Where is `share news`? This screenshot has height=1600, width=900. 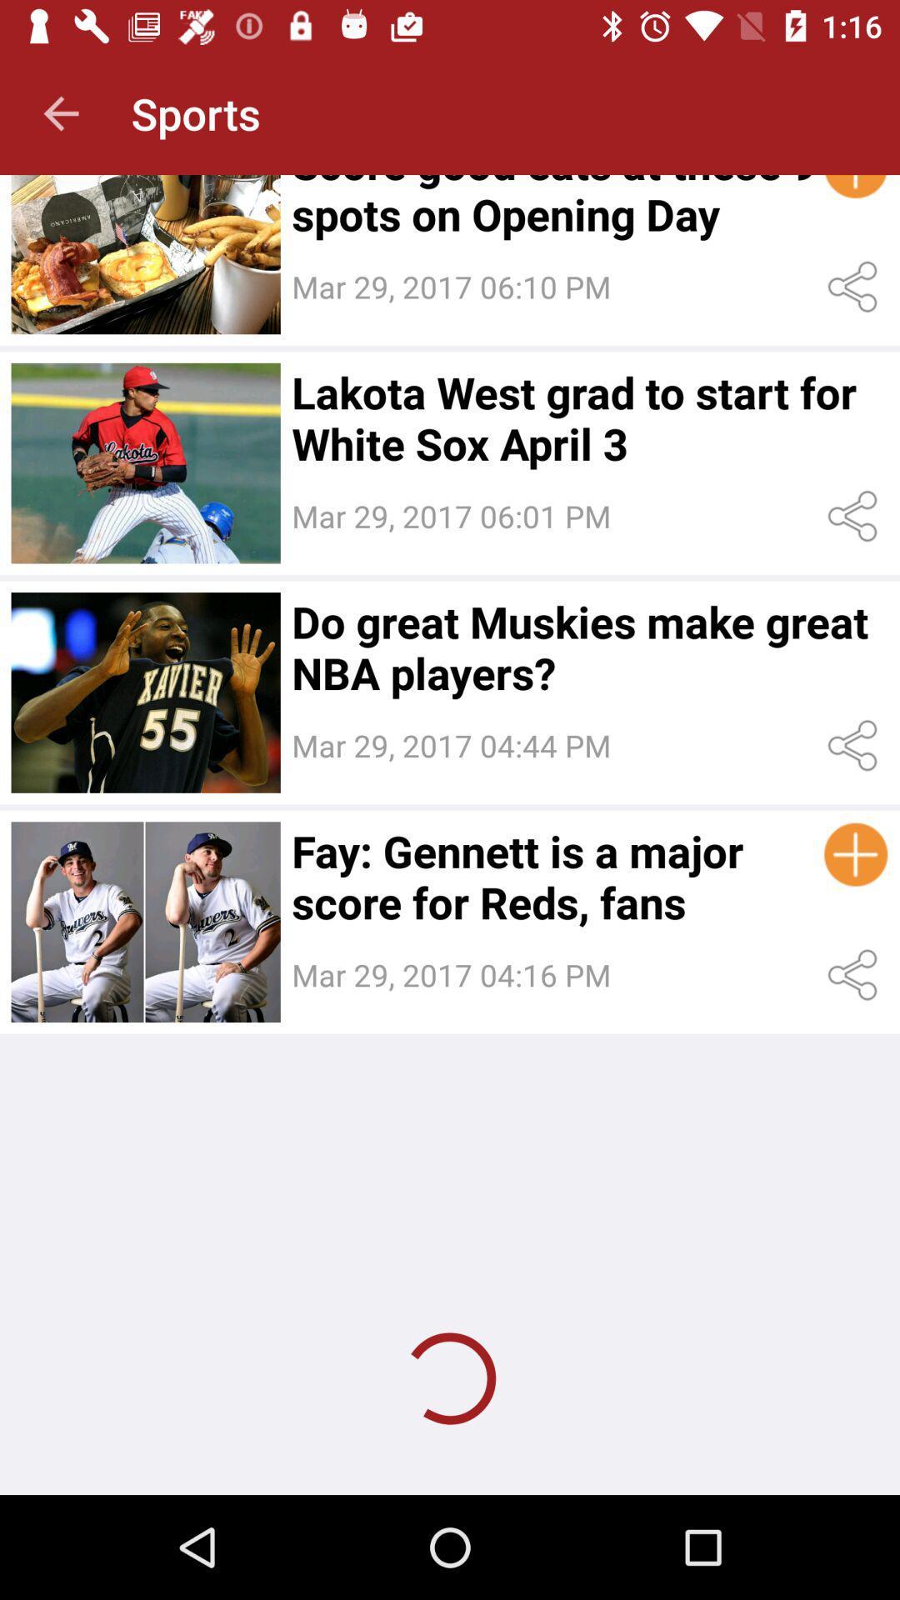 share news is located at coordinates (856, 287).